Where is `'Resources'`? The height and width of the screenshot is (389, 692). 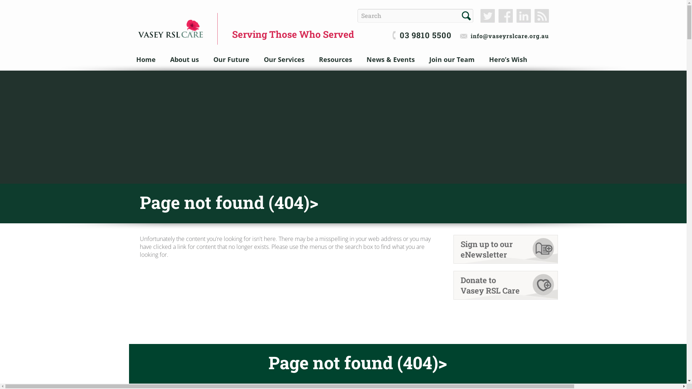
'Resources' is located at coordinates (335, 59).